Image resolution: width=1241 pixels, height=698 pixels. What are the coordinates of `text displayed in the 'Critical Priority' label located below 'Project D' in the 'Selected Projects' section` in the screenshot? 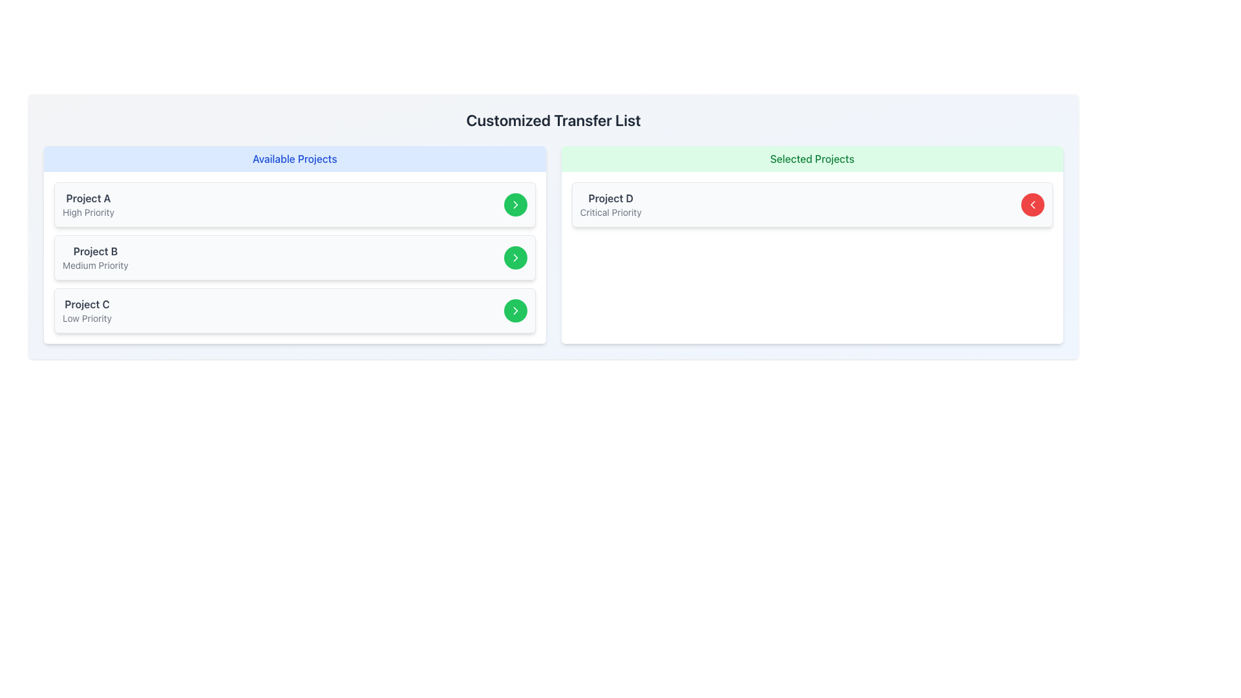 It's located at (610, 211).